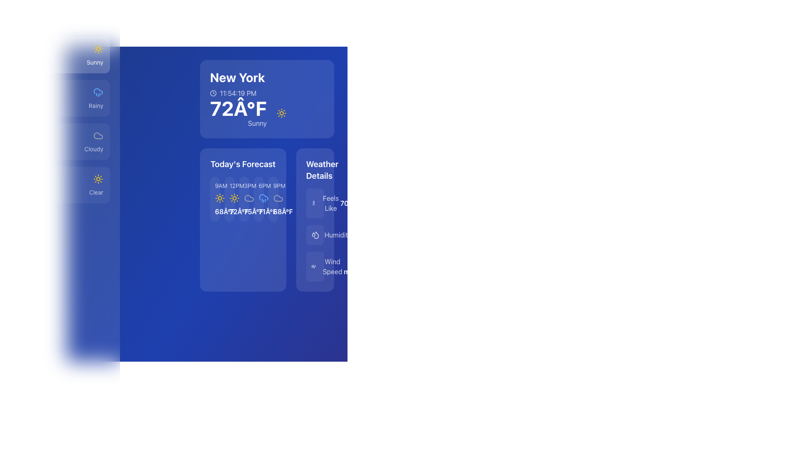  I want to click on the 'Sunny' weather icon located to the right of the current temperature display ('72°F Sunny'), so click(282, 113).